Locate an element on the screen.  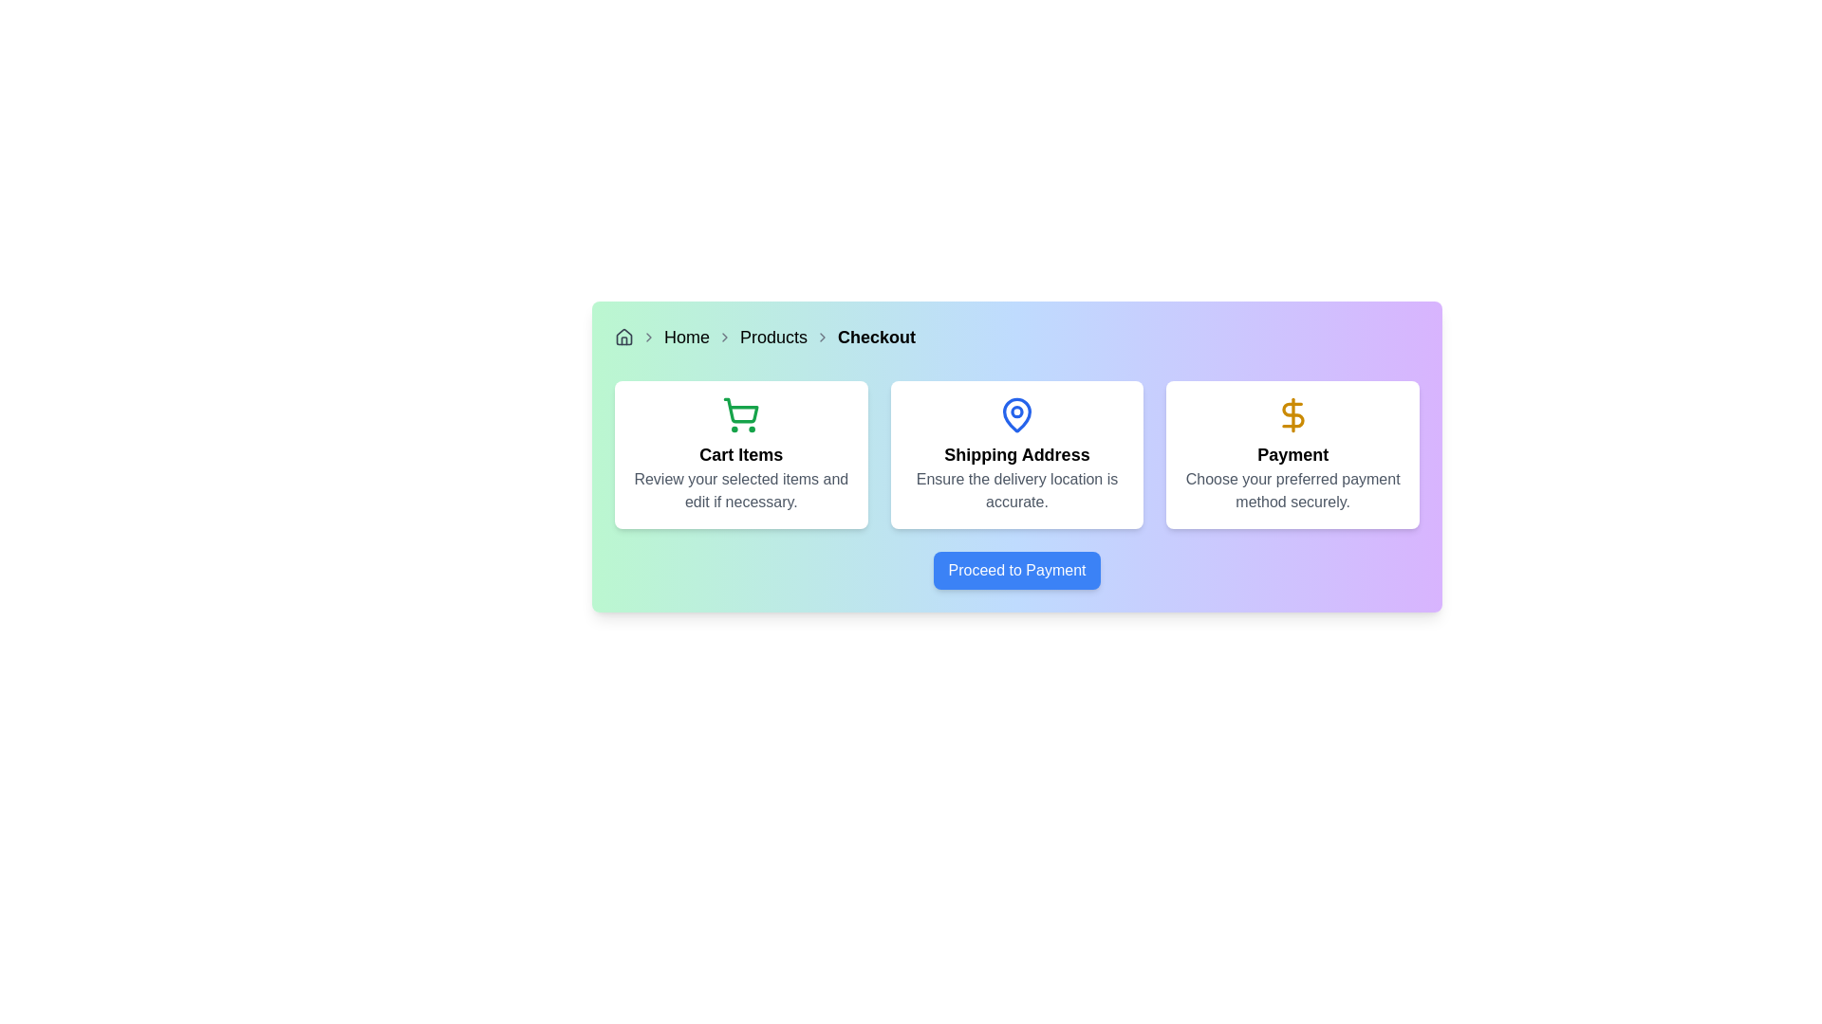
the static text element that reads 'Choose your preferred payment method securely.', which is styled in gray and positioned beneath the 'Payment' title and gold dollar icon within the third white card is located at coordinates (1292, 489).